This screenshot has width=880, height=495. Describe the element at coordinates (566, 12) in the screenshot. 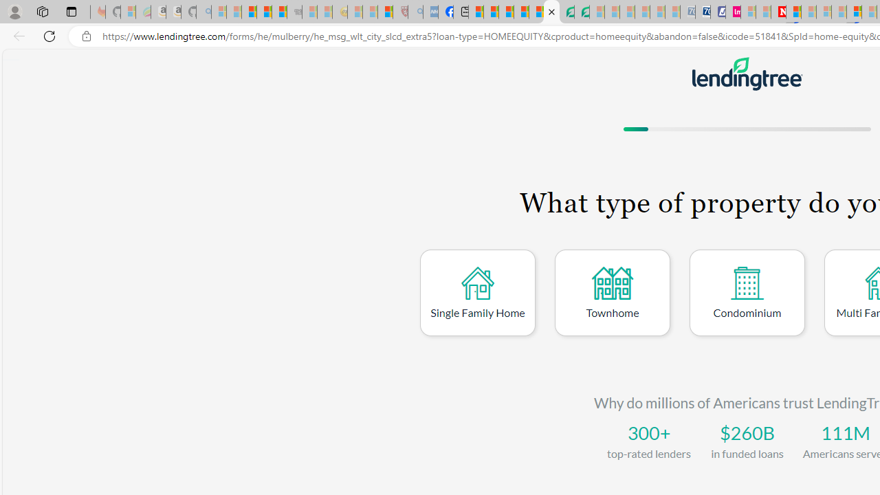

I see `'Terms of Use Agreement'` at that location.